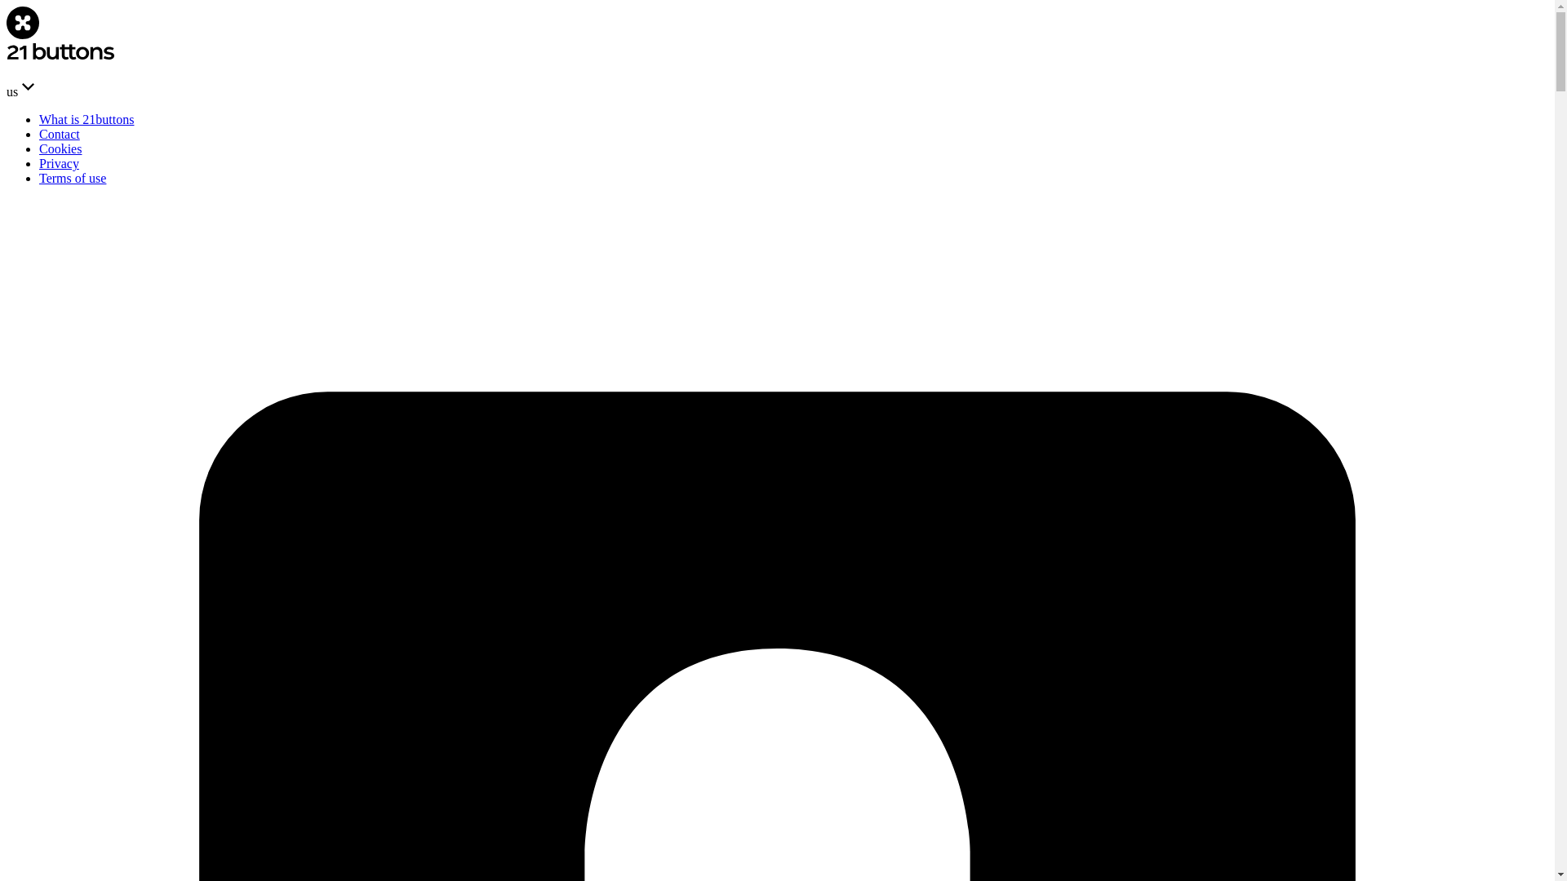 Image resolution: width=1567 pixels, height=881 pixels. Describe the element at coordinates (60, 148) in the screenshot. I see `'Cookies'` at that location.